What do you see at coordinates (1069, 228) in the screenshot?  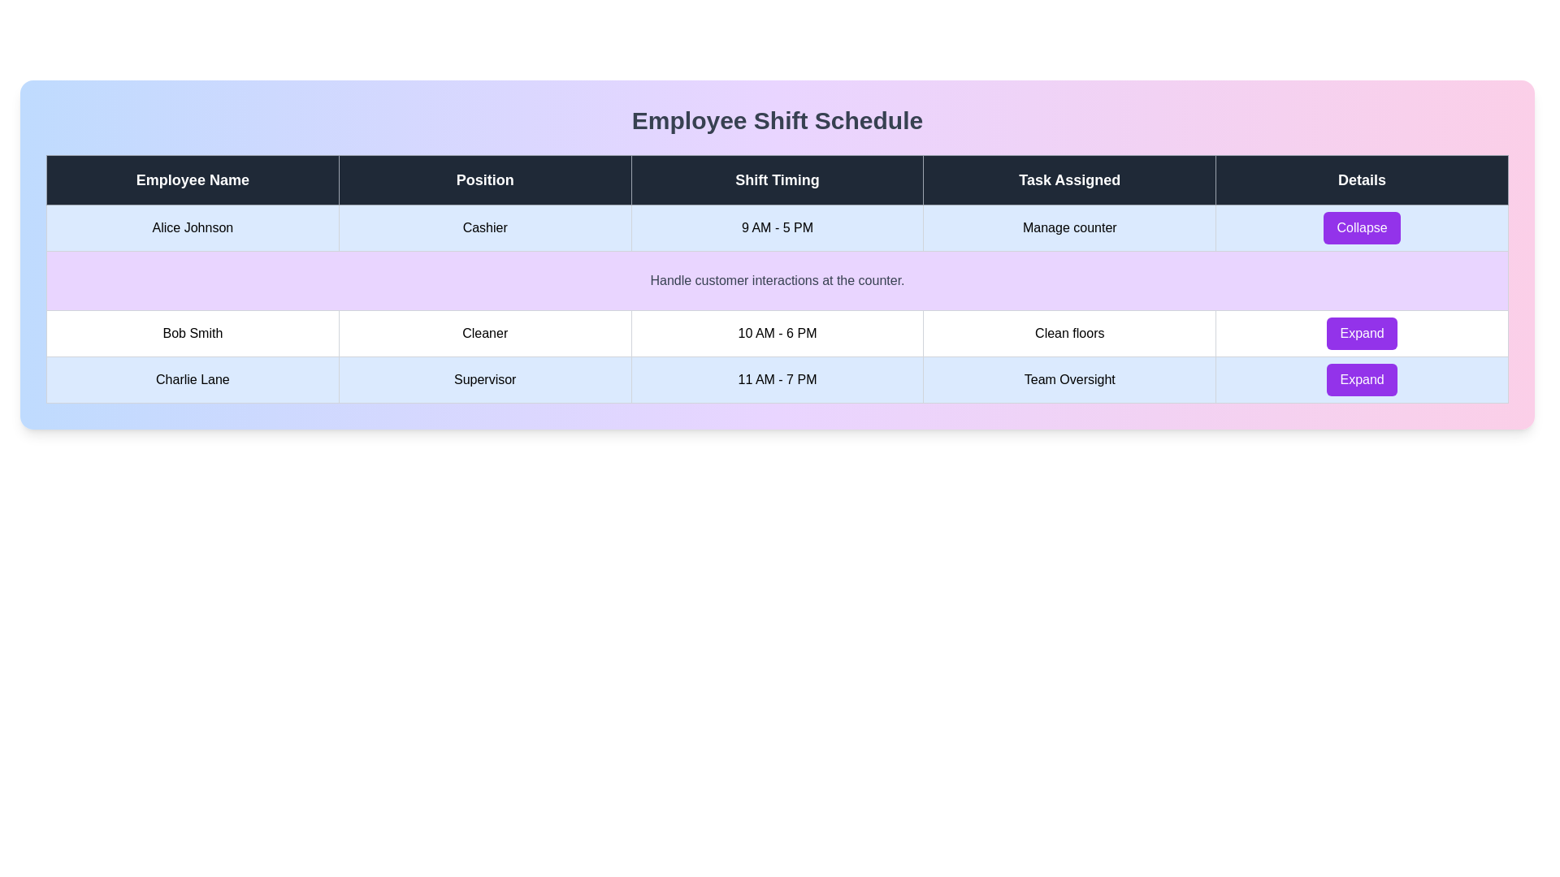 I see `the Text display box that shows the assigned task for the respective entry, located in the 'Task Assigned' column of the first row in the table-like structure` at bounding box center [1069, 228].